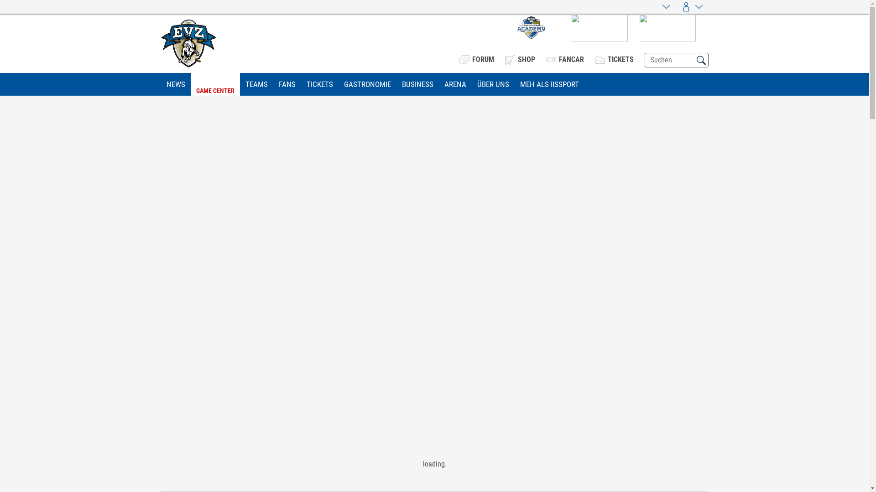  Describe the element at coordinates (319, 84) in the screenshot. I see `'TICKETS'` at that location.